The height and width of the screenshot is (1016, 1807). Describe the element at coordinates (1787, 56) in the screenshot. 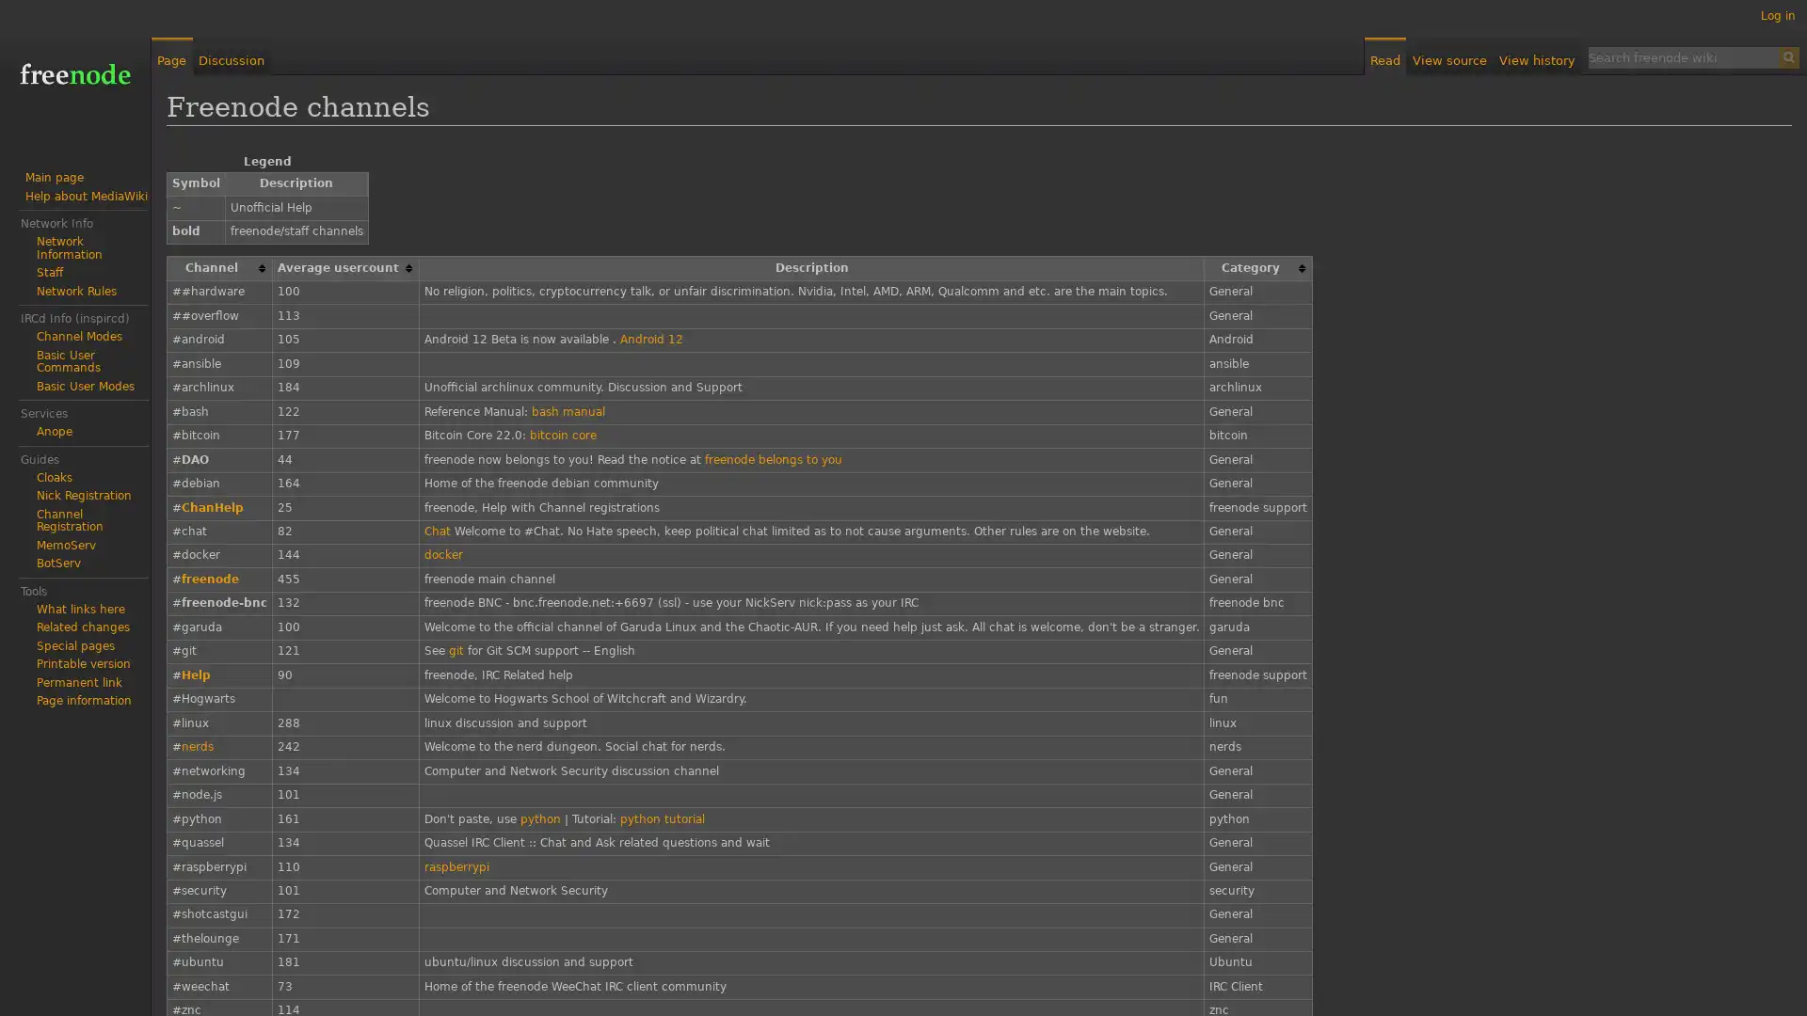

I see `Go` at that location.